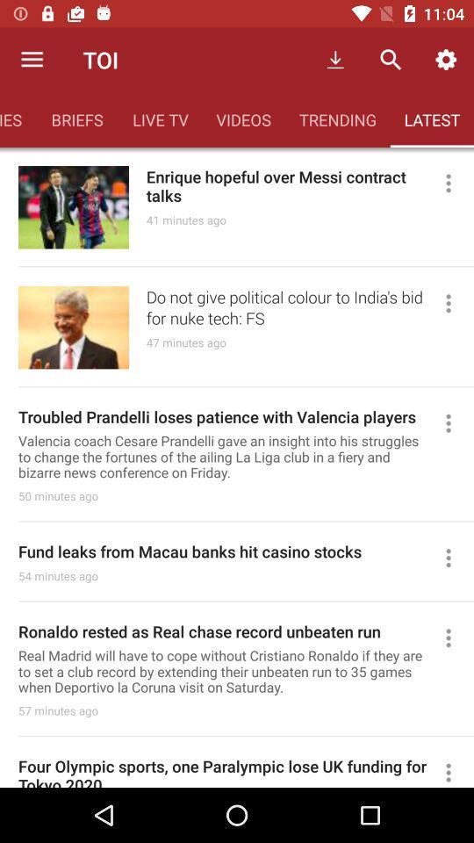  I want to click on more news, so click(456, 557).